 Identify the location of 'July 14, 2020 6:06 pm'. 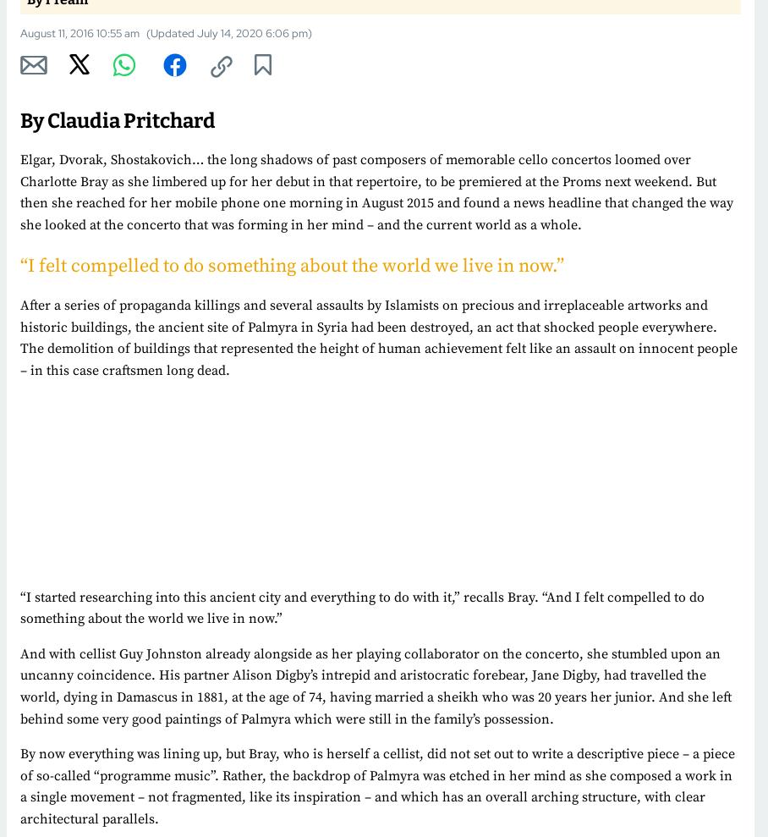
(252, 32).